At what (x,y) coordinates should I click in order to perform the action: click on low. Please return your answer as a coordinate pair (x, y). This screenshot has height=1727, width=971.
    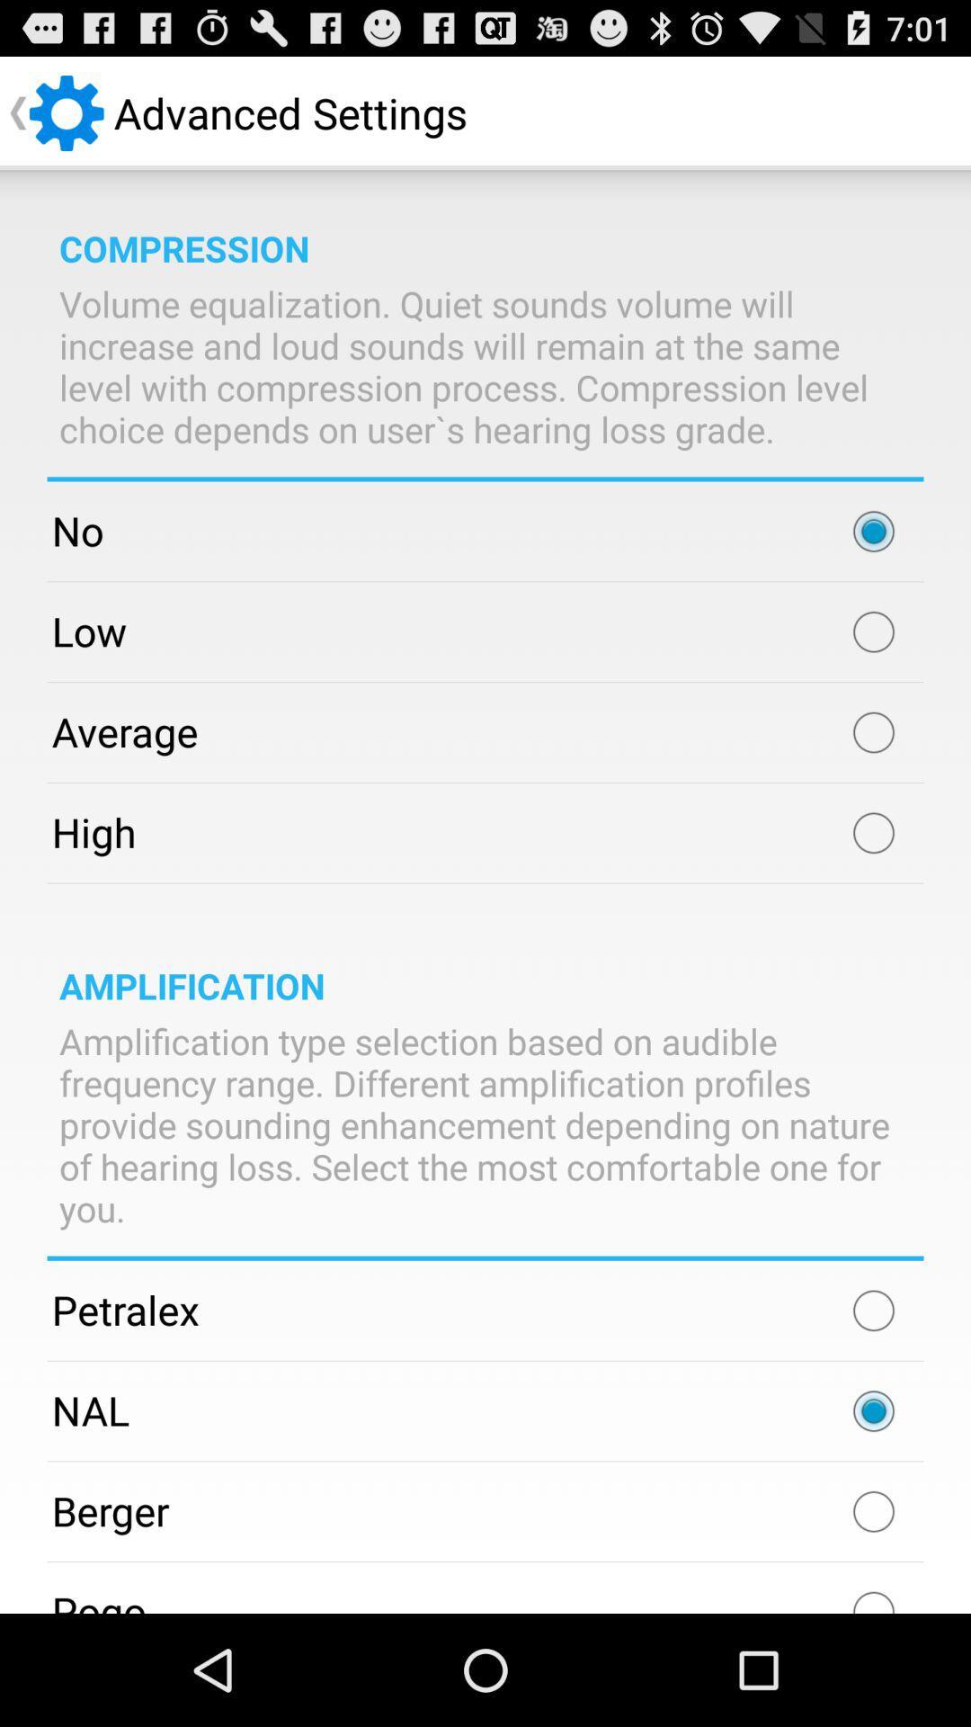
    Looking at the image, I should click on (873, 631).